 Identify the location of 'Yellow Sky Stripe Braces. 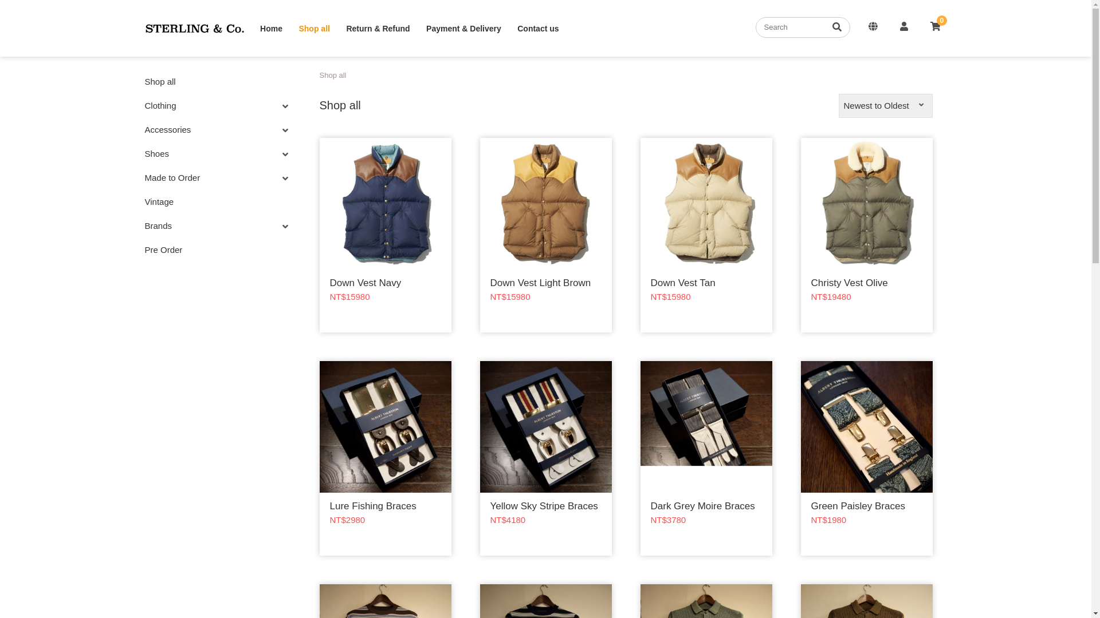
(545, 458).